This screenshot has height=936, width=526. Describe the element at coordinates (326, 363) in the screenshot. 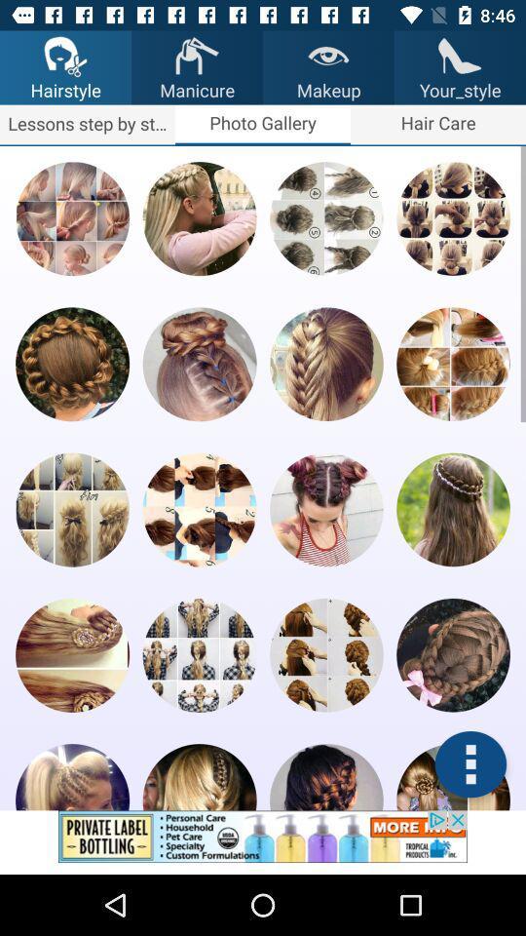

I see `open new page` at that location.